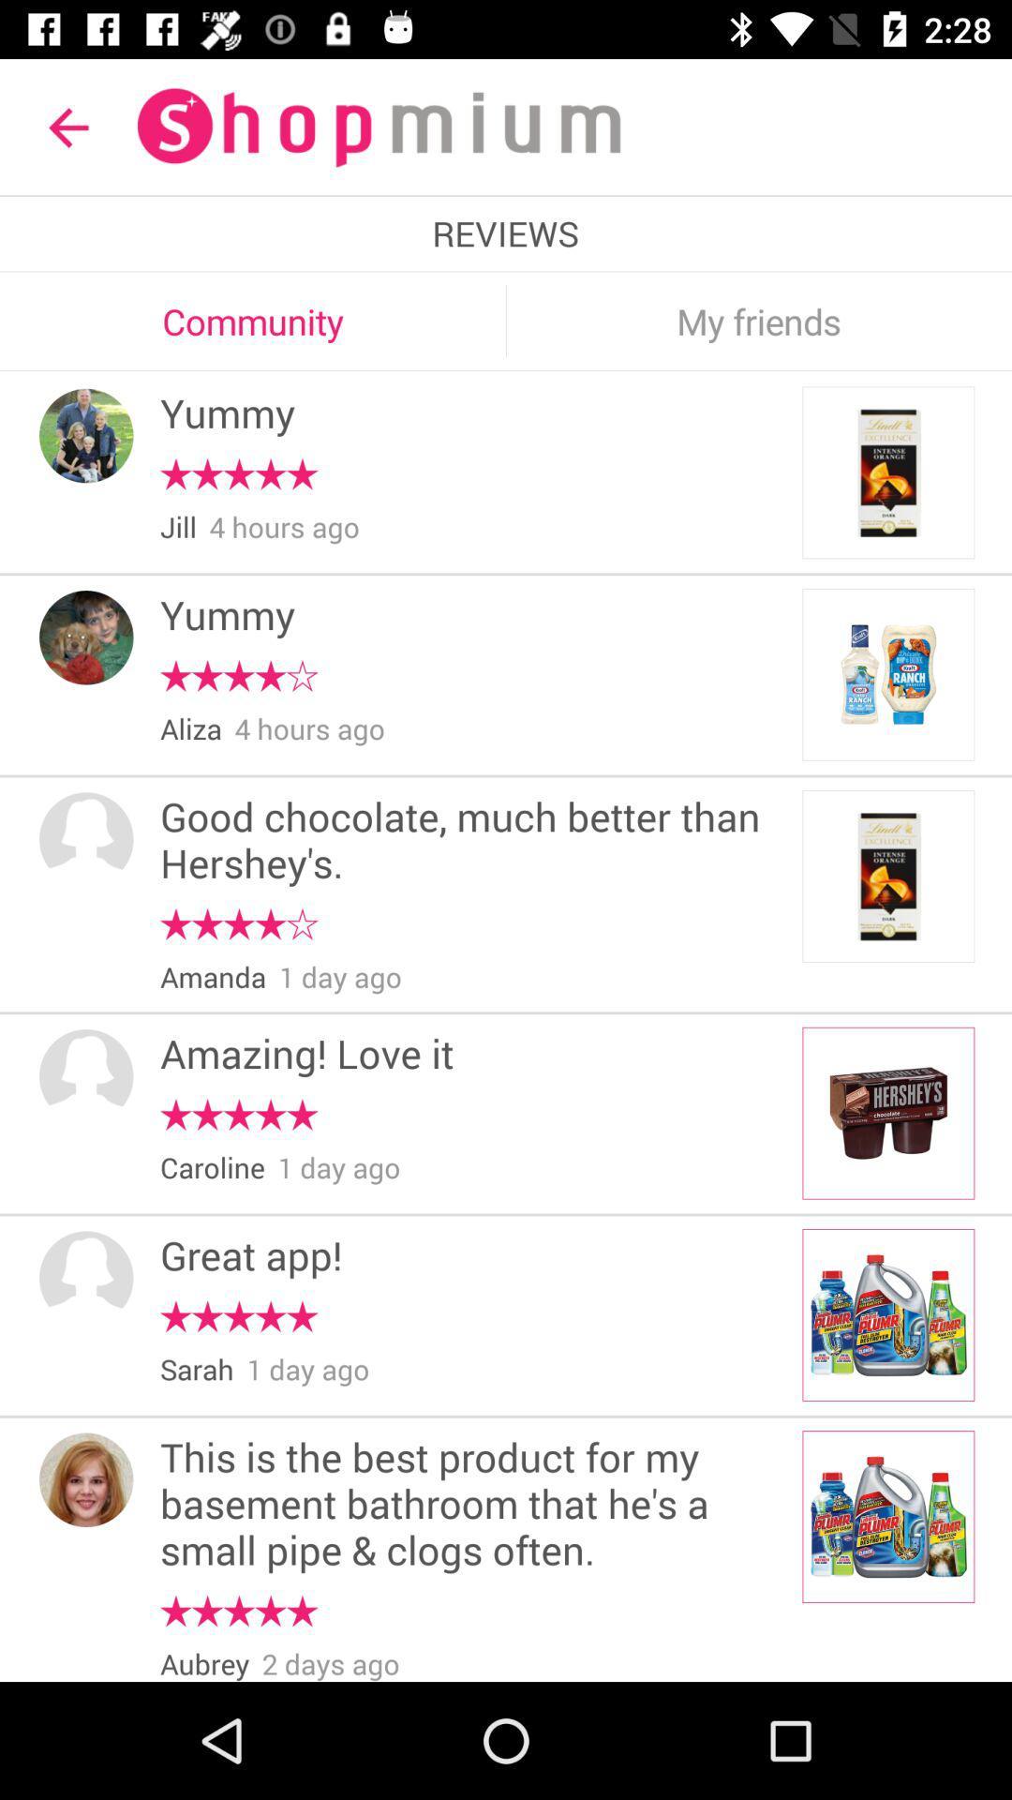  Describe the element at coordinates (86, 838) in the screenshot. I see `the item next to good chocolate much` at that location.